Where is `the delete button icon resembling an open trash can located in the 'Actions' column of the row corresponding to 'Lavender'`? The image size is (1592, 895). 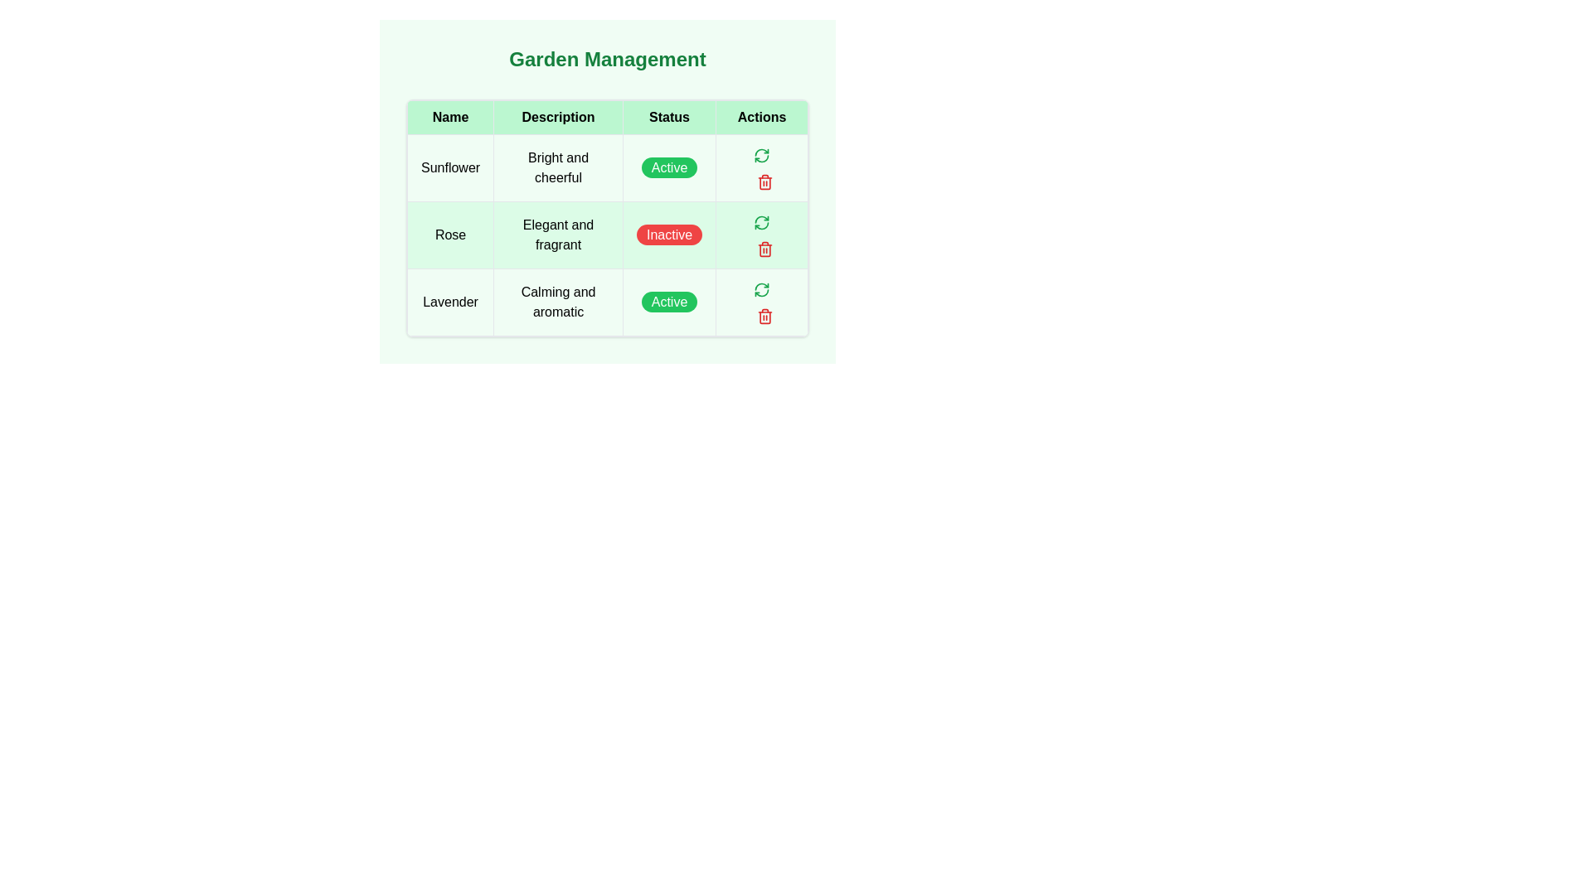
the delete button icon resembling an open trash can located in the 'Actions' column of the row corresponding to 'Lavender' is located at coordinates (764, 317).